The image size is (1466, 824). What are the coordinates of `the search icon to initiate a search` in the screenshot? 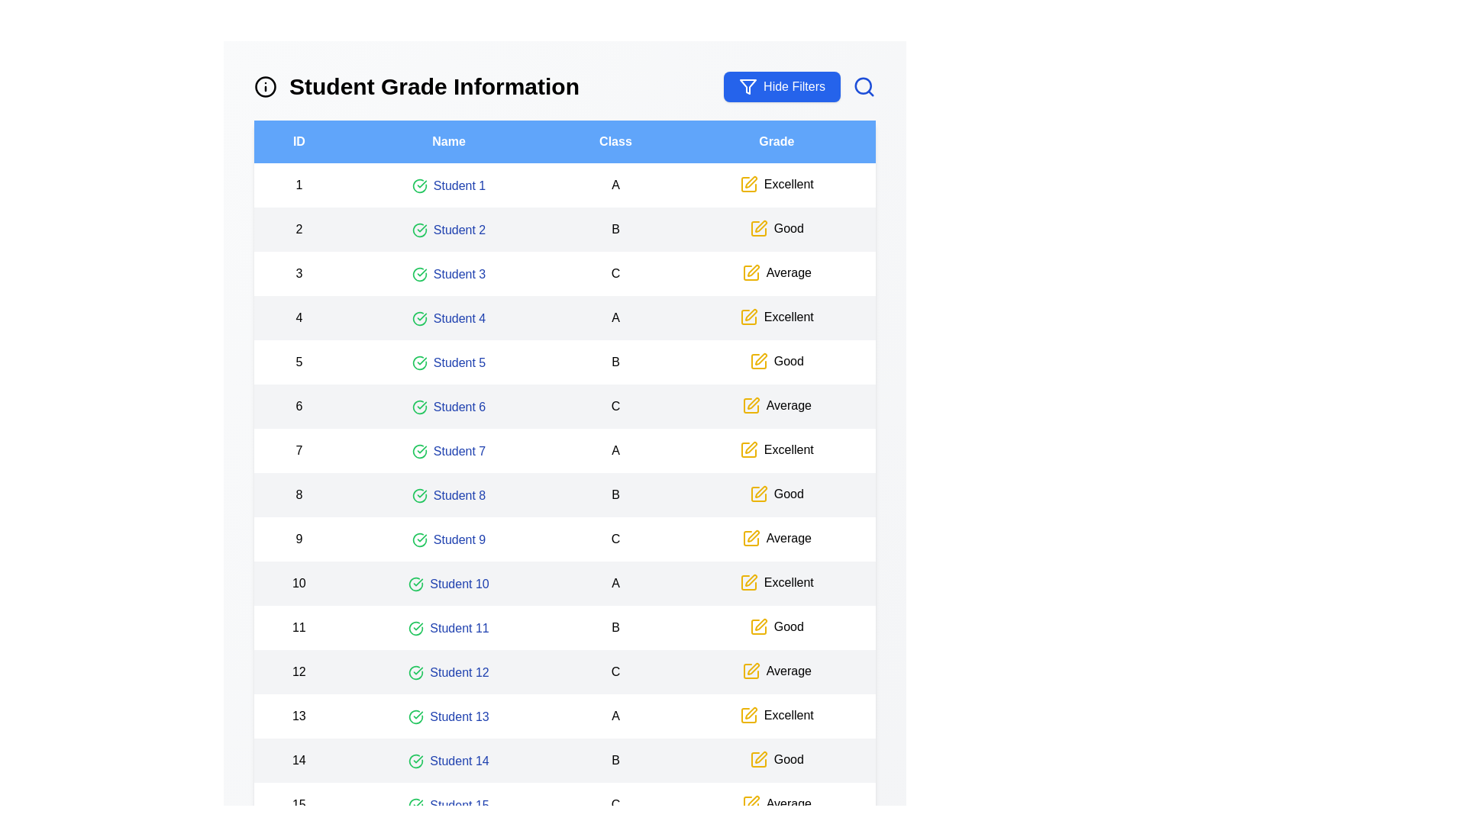 It's located at (864, 87).